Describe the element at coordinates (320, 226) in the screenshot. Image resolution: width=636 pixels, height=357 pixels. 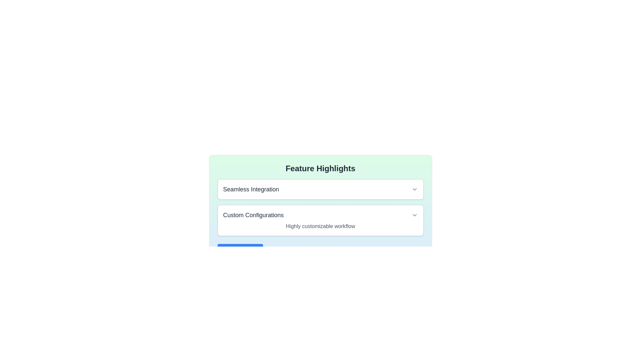
I see `the static text label displaying 'Highly customizable workflow', which is located below the heading 'Custom Configurations' in a card-like layout` at that location.